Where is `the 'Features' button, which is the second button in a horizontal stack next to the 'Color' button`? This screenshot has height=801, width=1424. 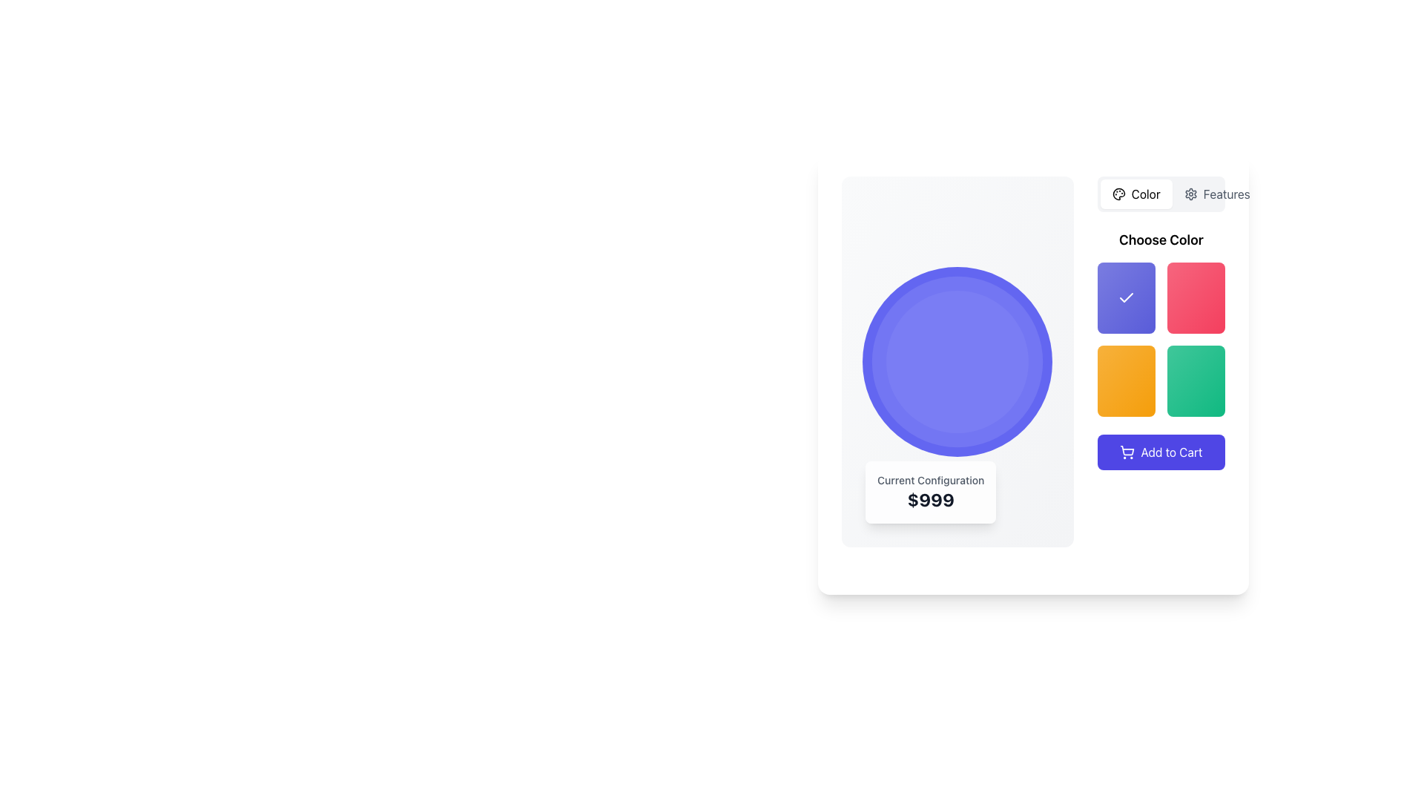 the 'Features' button, which is the second button in a horizontal stack next to the 'Color' button is located at coordinates (1217, 194).